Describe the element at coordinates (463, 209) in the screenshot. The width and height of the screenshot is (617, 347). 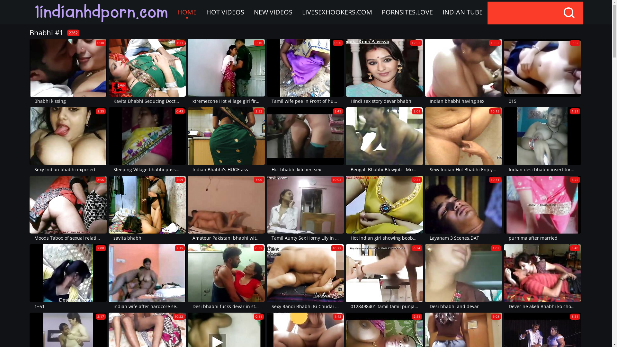
I see `'10:41` at that location.